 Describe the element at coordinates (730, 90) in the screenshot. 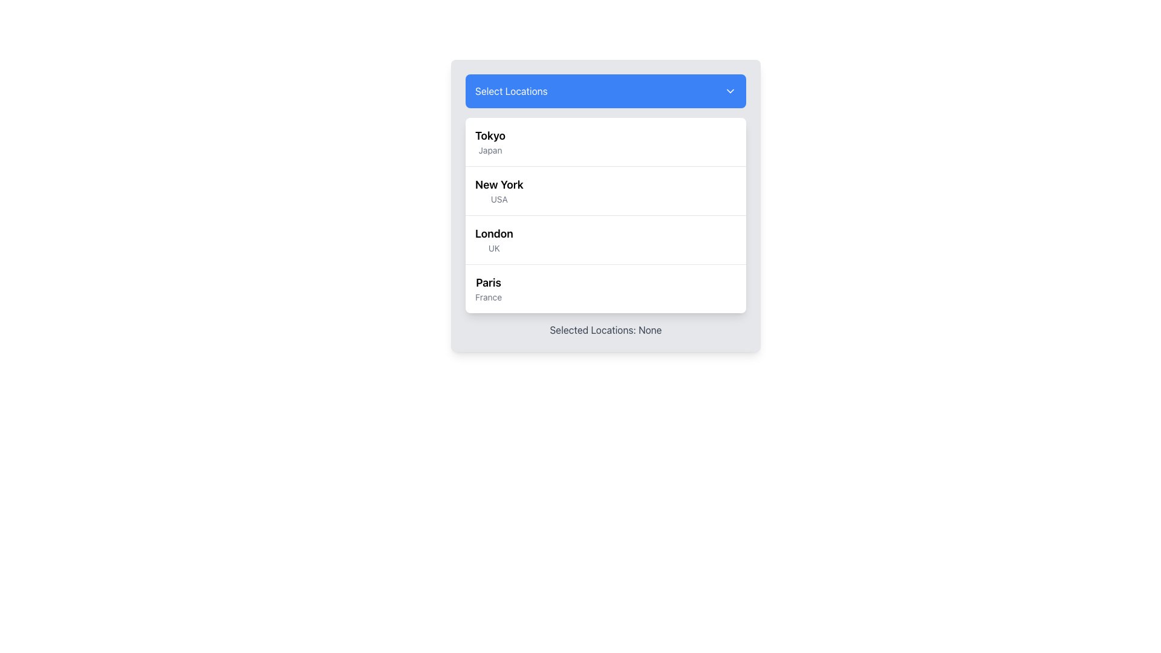

I see `the downward-pointing chevron icon located in the top-right corner of the blue bar labeled 'Select Locations'` at that location.